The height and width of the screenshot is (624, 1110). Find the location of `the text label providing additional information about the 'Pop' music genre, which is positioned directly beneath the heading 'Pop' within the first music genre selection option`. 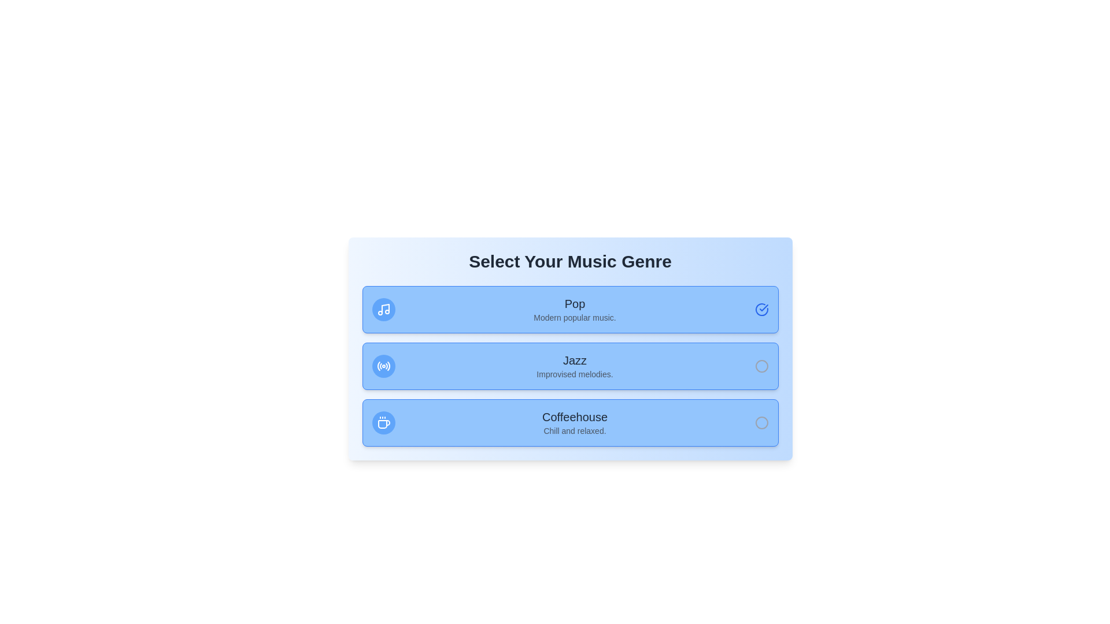

the text label providing additional information about the 'Pop' music genre, which is positioned directly beneath the heading 'Pop' within the first music genre selection option is located at coordinates (575, 318).